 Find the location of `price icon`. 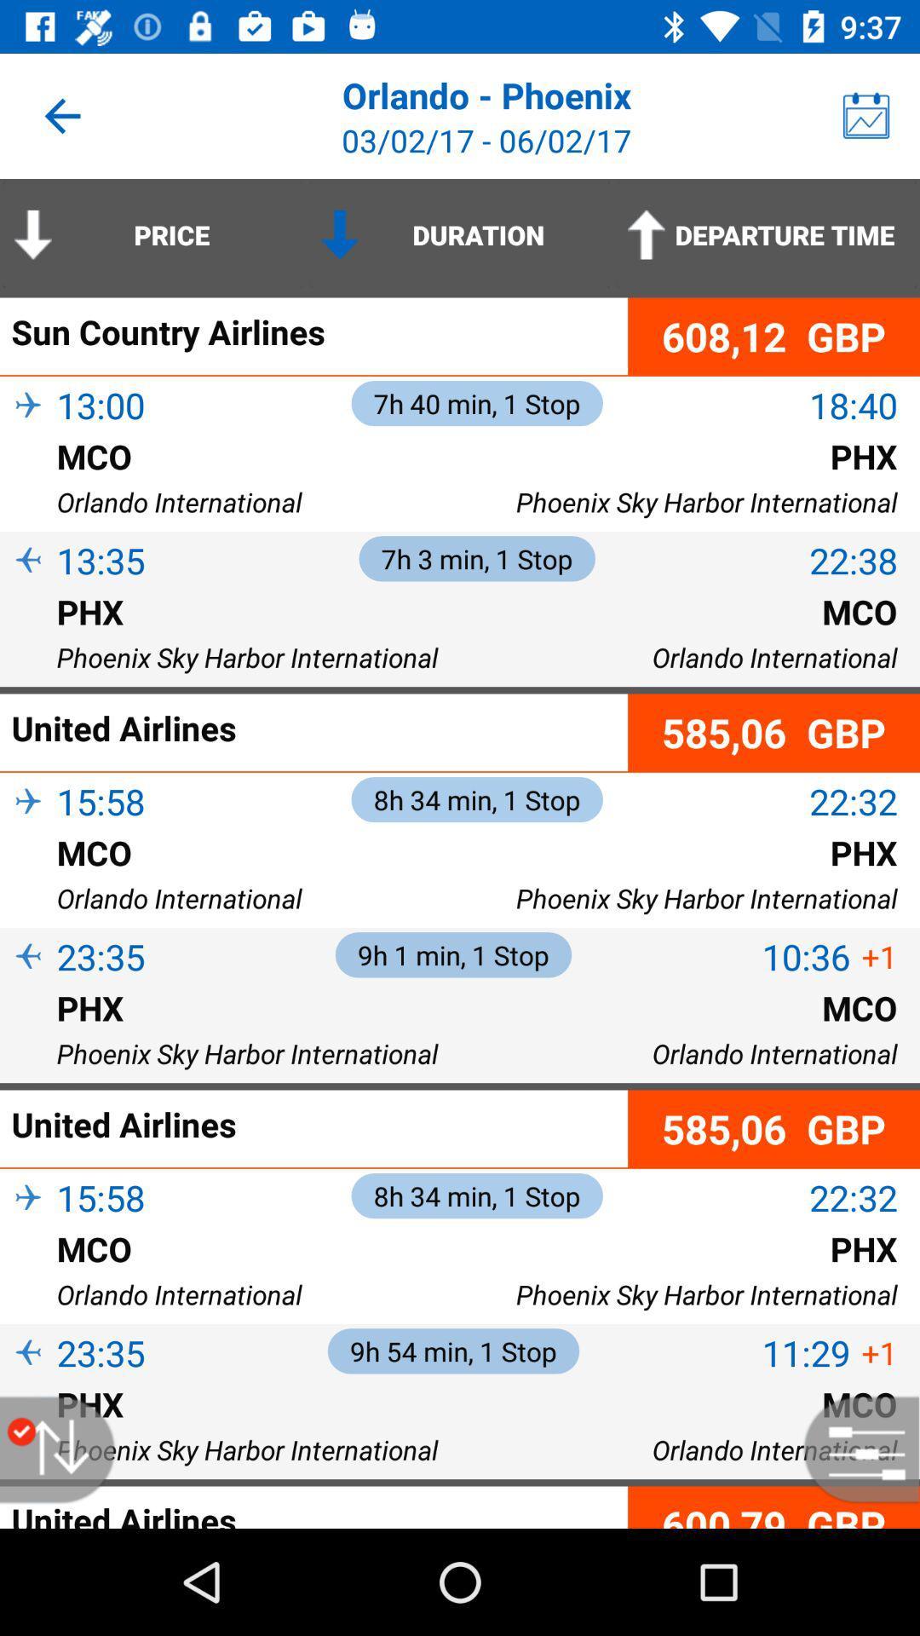

price icon is located at coordinates (153, 233).